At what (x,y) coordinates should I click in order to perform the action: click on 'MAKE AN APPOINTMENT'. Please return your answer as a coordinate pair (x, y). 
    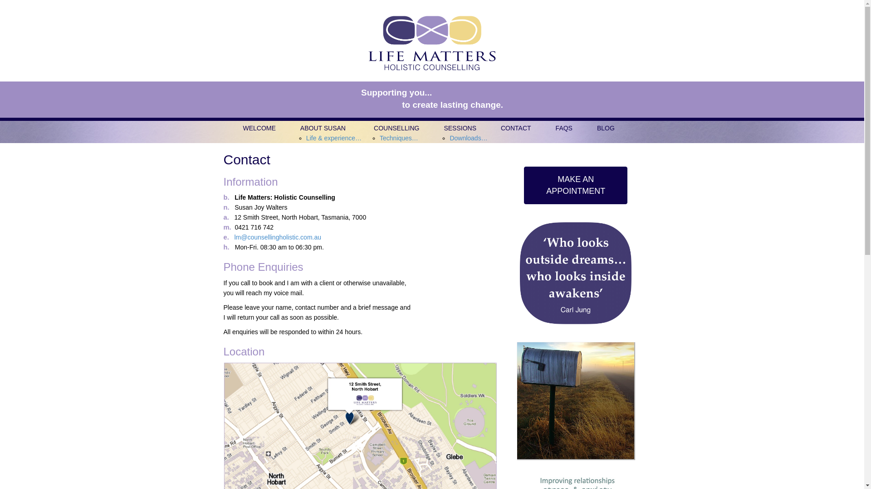
    Looking at the image, I should click on (575, 185).